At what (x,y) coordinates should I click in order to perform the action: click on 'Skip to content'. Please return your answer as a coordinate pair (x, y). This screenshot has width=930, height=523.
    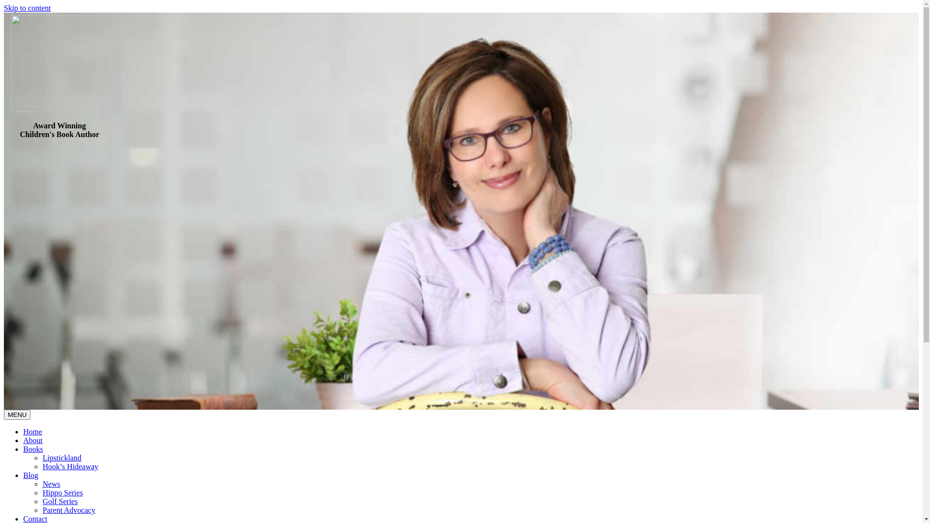
    Looking at the image, I should click on (27, 8).